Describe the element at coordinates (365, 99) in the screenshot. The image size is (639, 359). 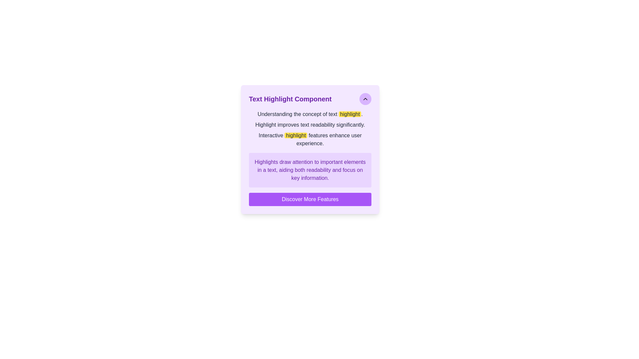
I see `the icon located at the top-right corner of the 'Text Highlight Component' box, which functions` at that location.